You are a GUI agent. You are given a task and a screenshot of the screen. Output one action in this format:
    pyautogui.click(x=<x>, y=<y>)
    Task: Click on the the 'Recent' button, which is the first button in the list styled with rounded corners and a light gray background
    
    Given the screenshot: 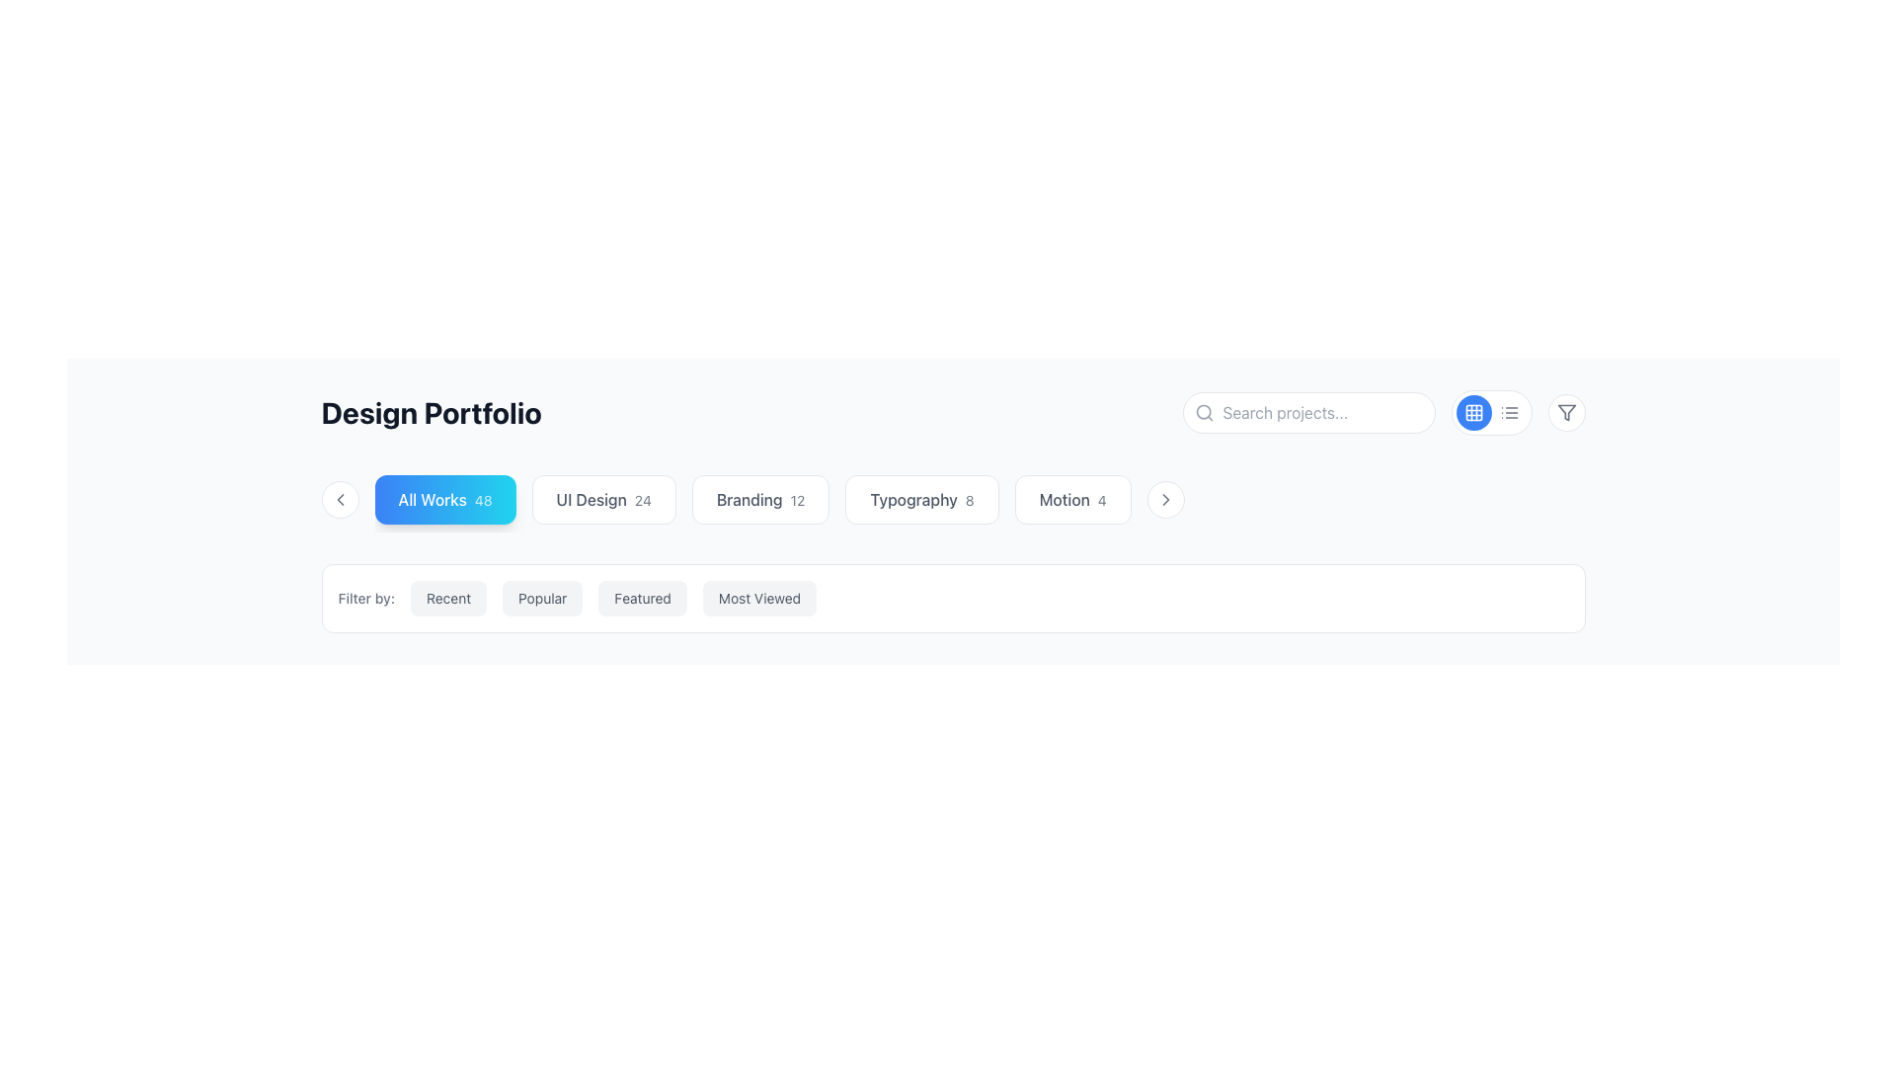 What is the action you would take?
    pyautogui.click(x=447, y=597)
    